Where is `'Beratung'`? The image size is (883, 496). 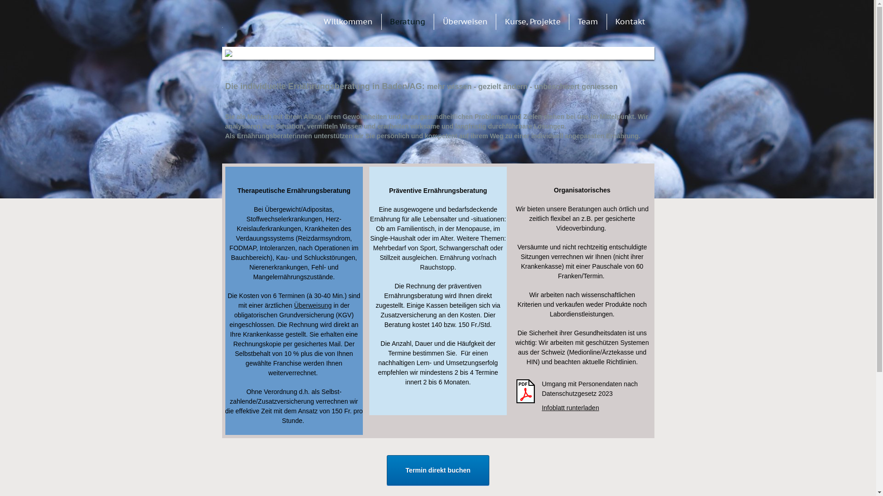 'Beratung' is located at coordinates (385, 21).